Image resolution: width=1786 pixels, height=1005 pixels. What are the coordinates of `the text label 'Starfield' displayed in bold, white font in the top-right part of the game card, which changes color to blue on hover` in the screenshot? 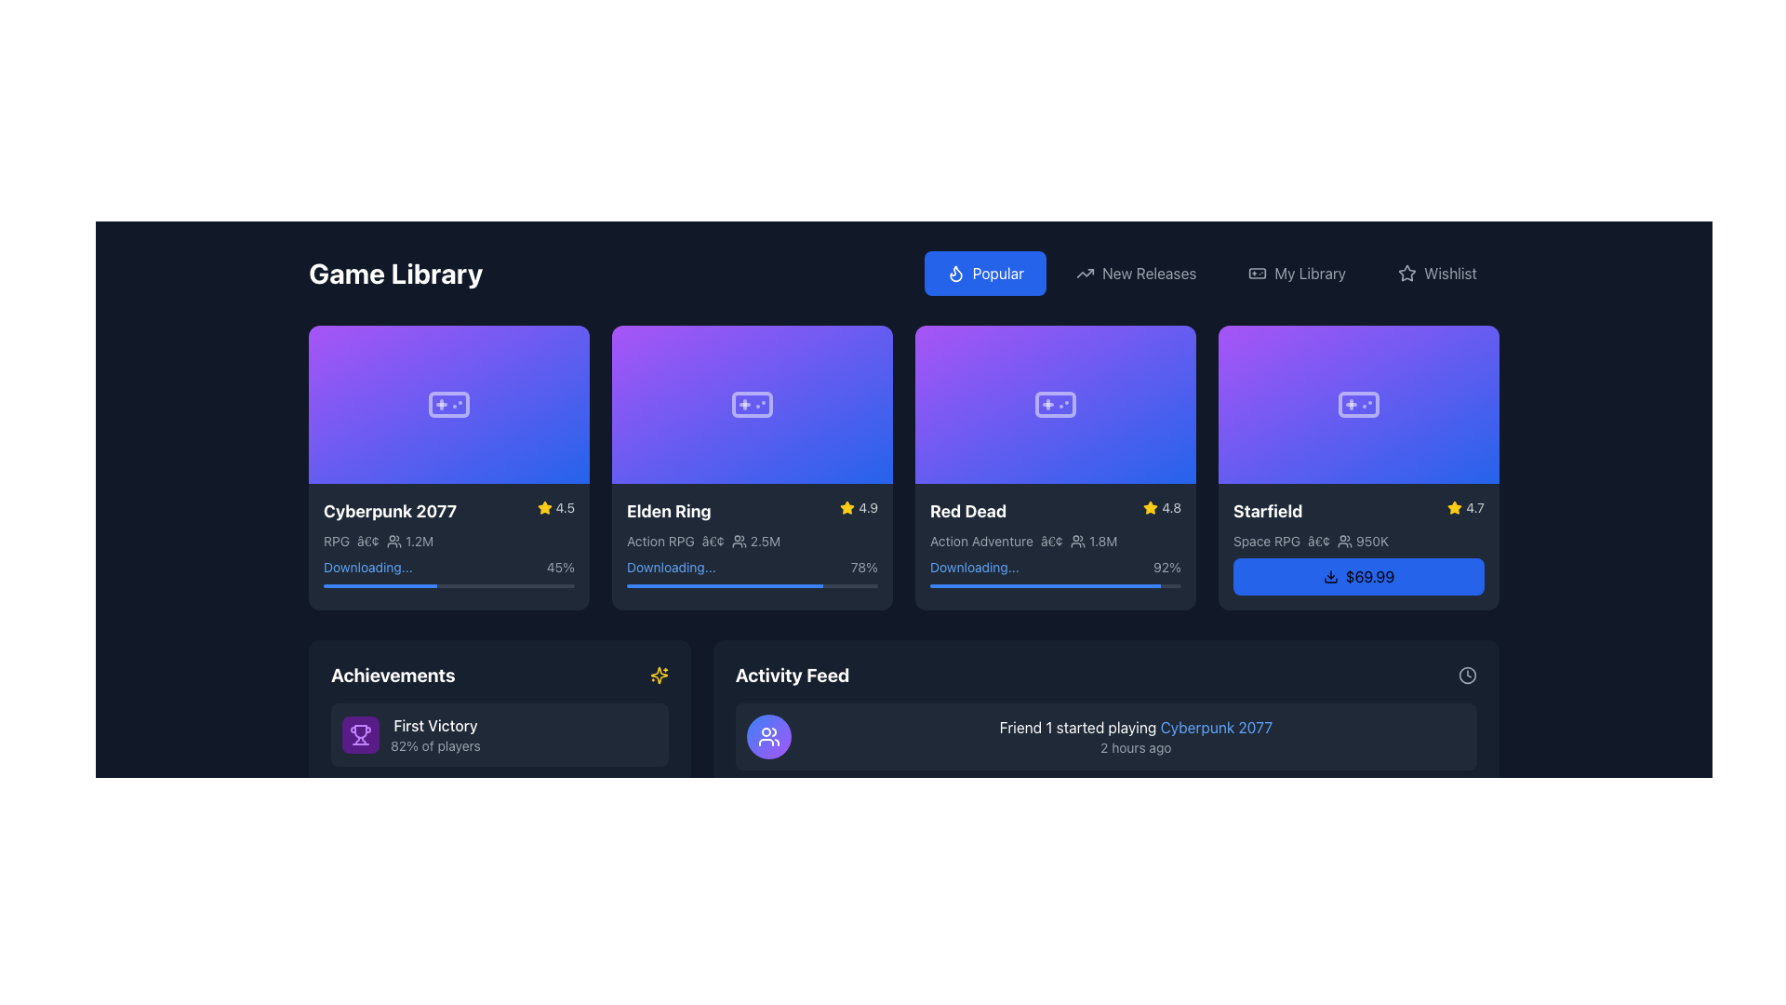 It's located at (1267, 511).